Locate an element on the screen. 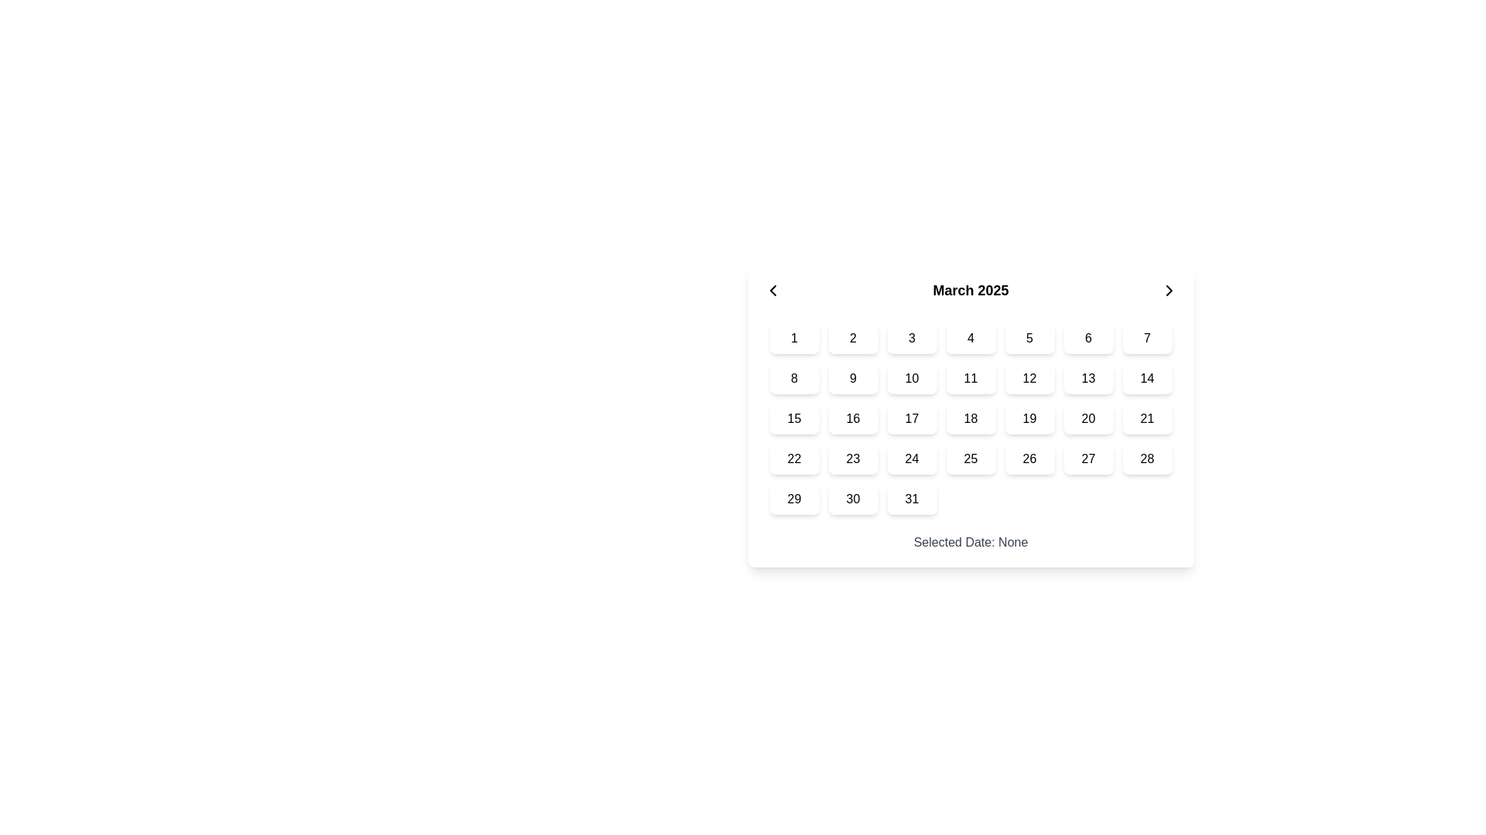 The image size is (1486, 835). the button displaying the number '4' in the calendar grid is located at coordinates (970, 338).